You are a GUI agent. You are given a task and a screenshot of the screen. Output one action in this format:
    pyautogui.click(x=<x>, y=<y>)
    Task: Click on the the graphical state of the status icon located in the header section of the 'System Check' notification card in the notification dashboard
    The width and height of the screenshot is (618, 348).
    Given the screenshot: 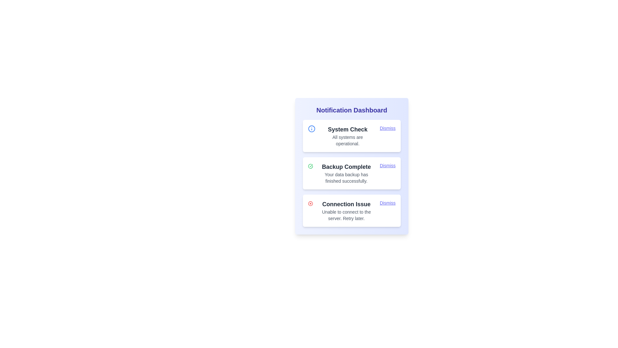 What is the action you would take?
    pyautogui.click(x=312, y=129)
    